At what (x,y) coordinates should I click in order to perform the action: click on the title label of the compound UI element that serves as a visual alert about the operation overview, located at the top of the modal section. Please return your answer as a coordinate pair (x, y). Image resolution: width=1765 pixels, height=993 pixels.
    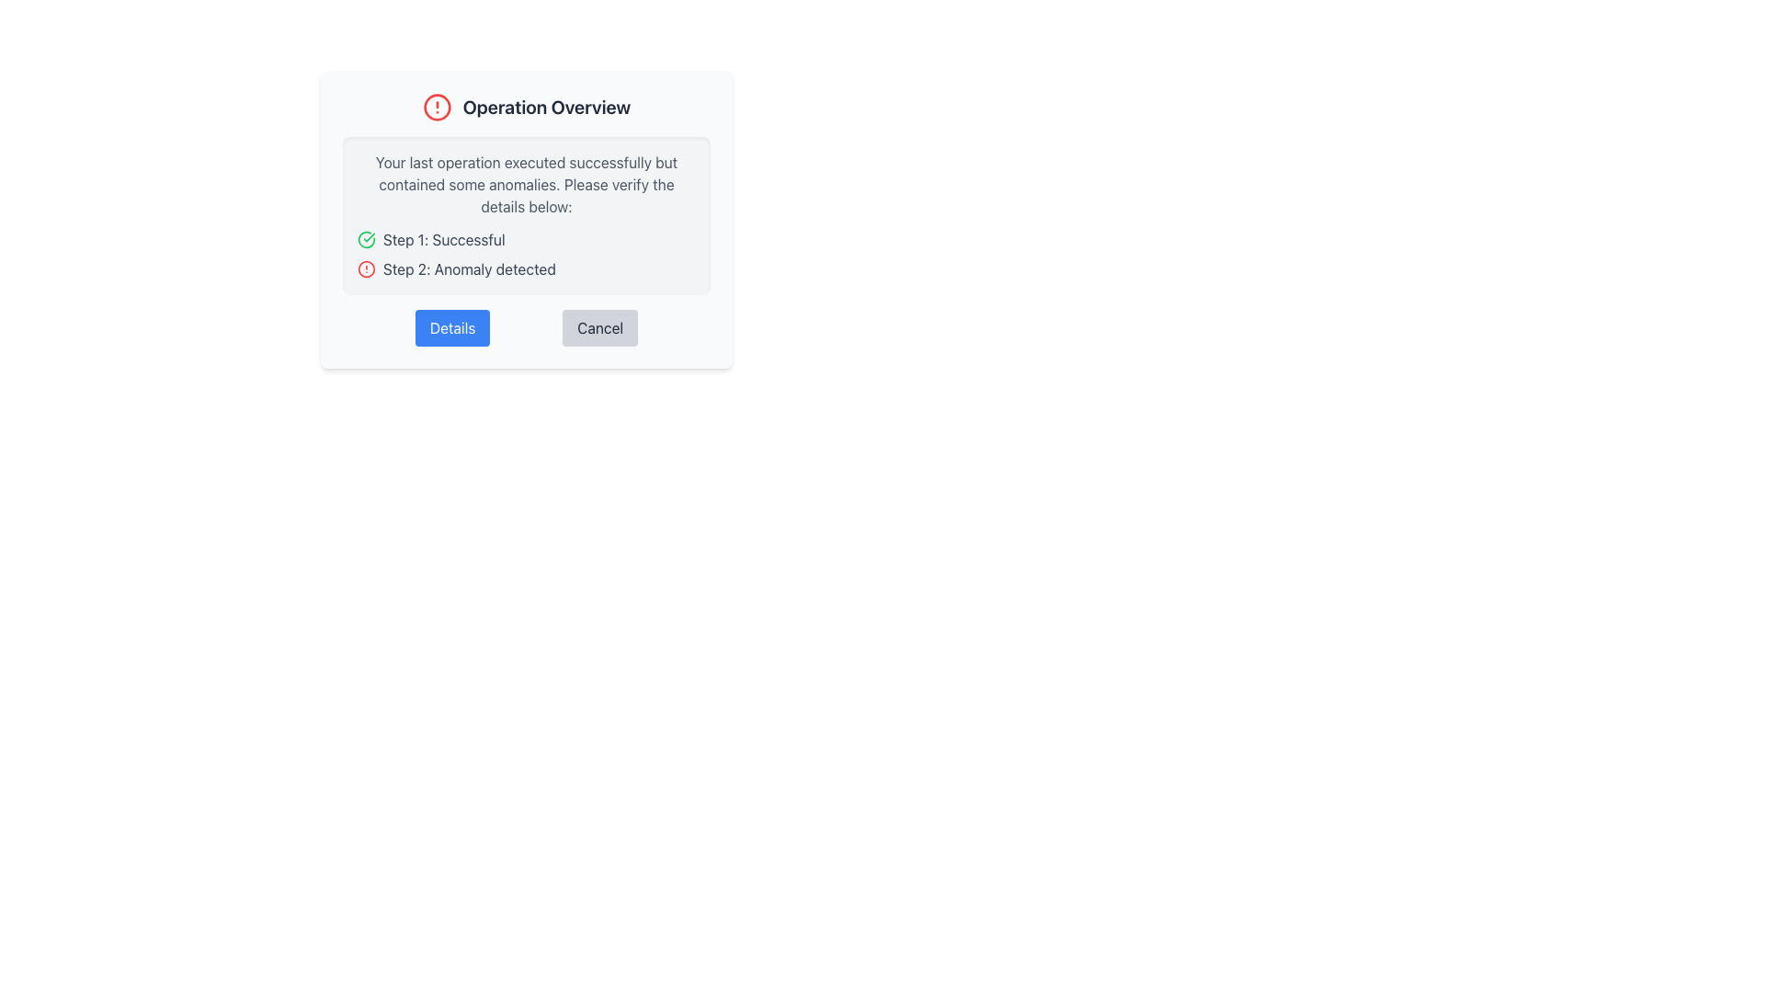
    Looking at the image, I should click on (525, 107).